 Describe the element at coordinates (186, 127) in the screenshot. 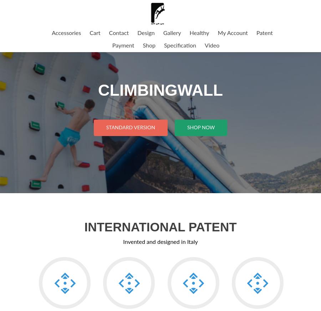

I see `'Shop Now'` at that location.